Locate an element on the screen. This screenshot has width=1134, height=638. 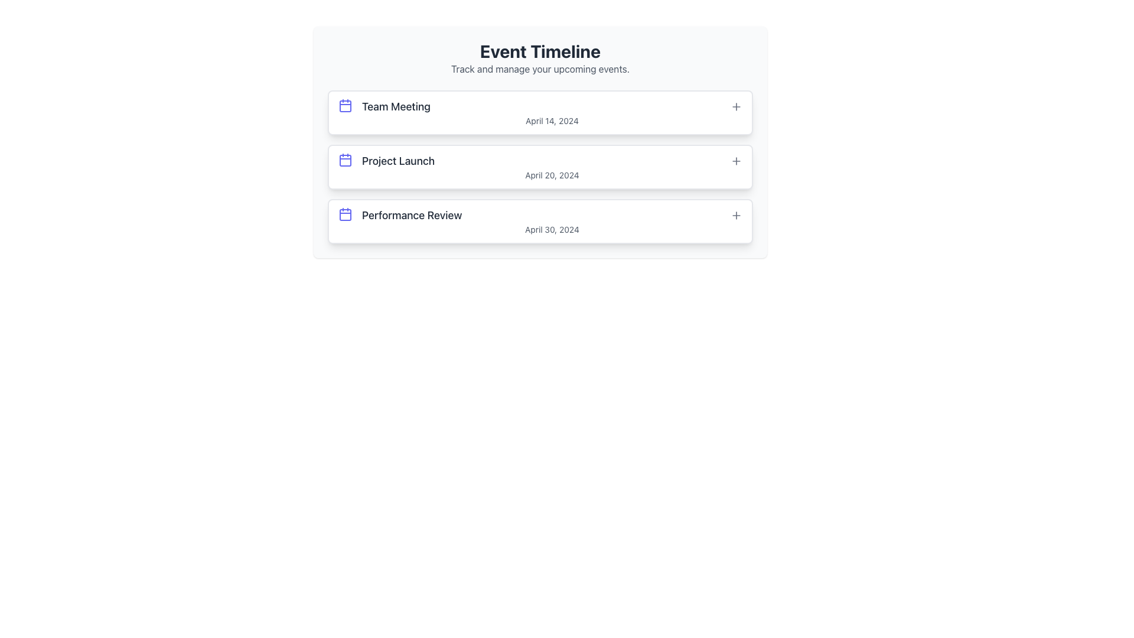
the static text label displaying the date 'April 20, 2024', which is positioned at the bottom right corner of the second event entry labeled 'Project Launch' is located at coordinates (552, 175).